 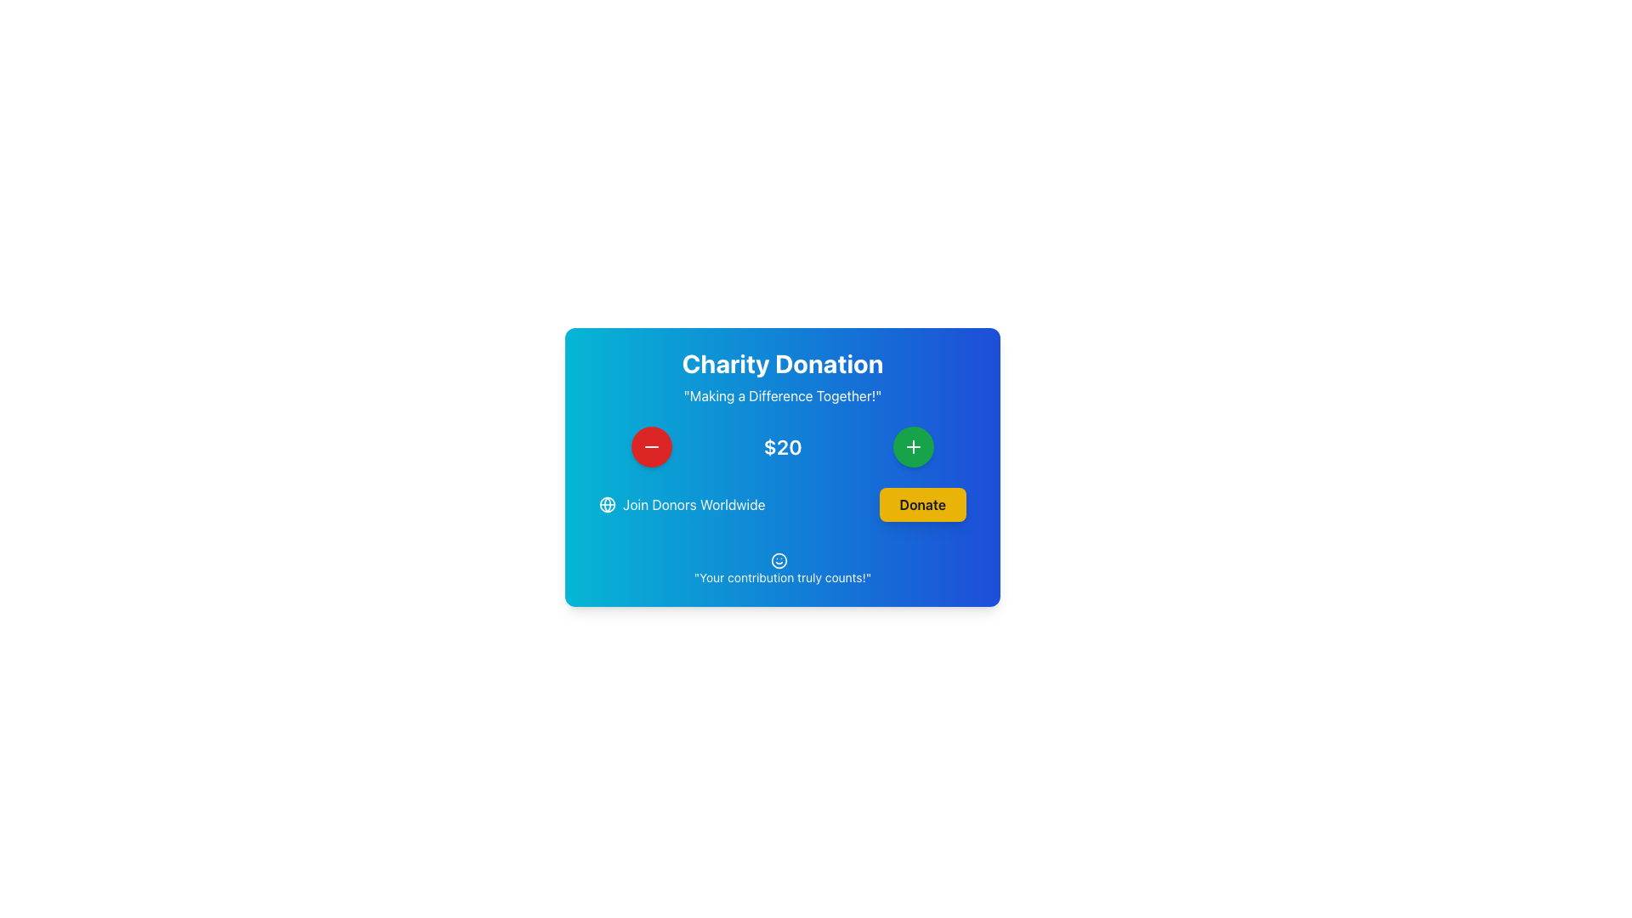 I want to click on the text display that reads 'Making a Difference Together!' which is centrally positioned below the text 'Charity Donation' on a blue background, so click(x=782, y=396).